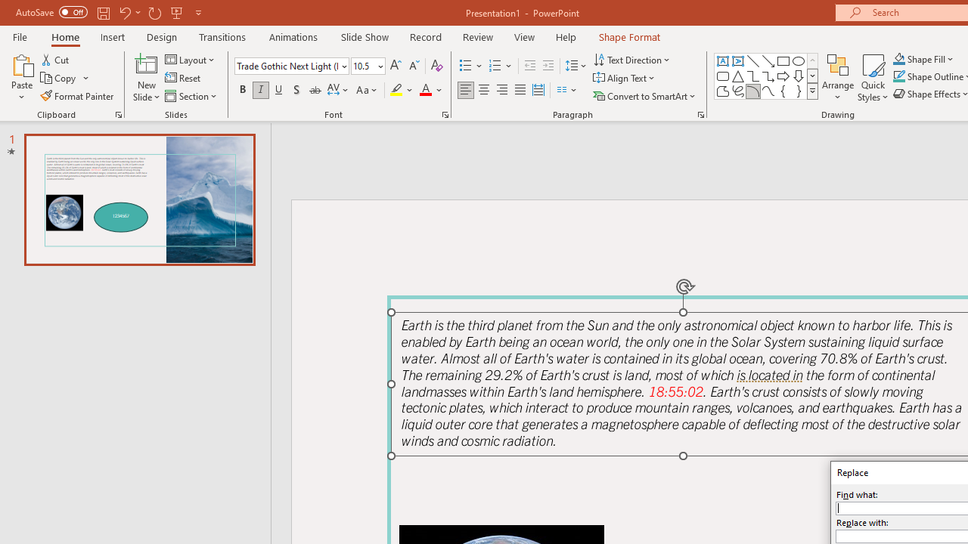 This screenshot has height=544, width=968. I want to click on 'Shape Outline Teal, Accent 1', so click(899, 76).